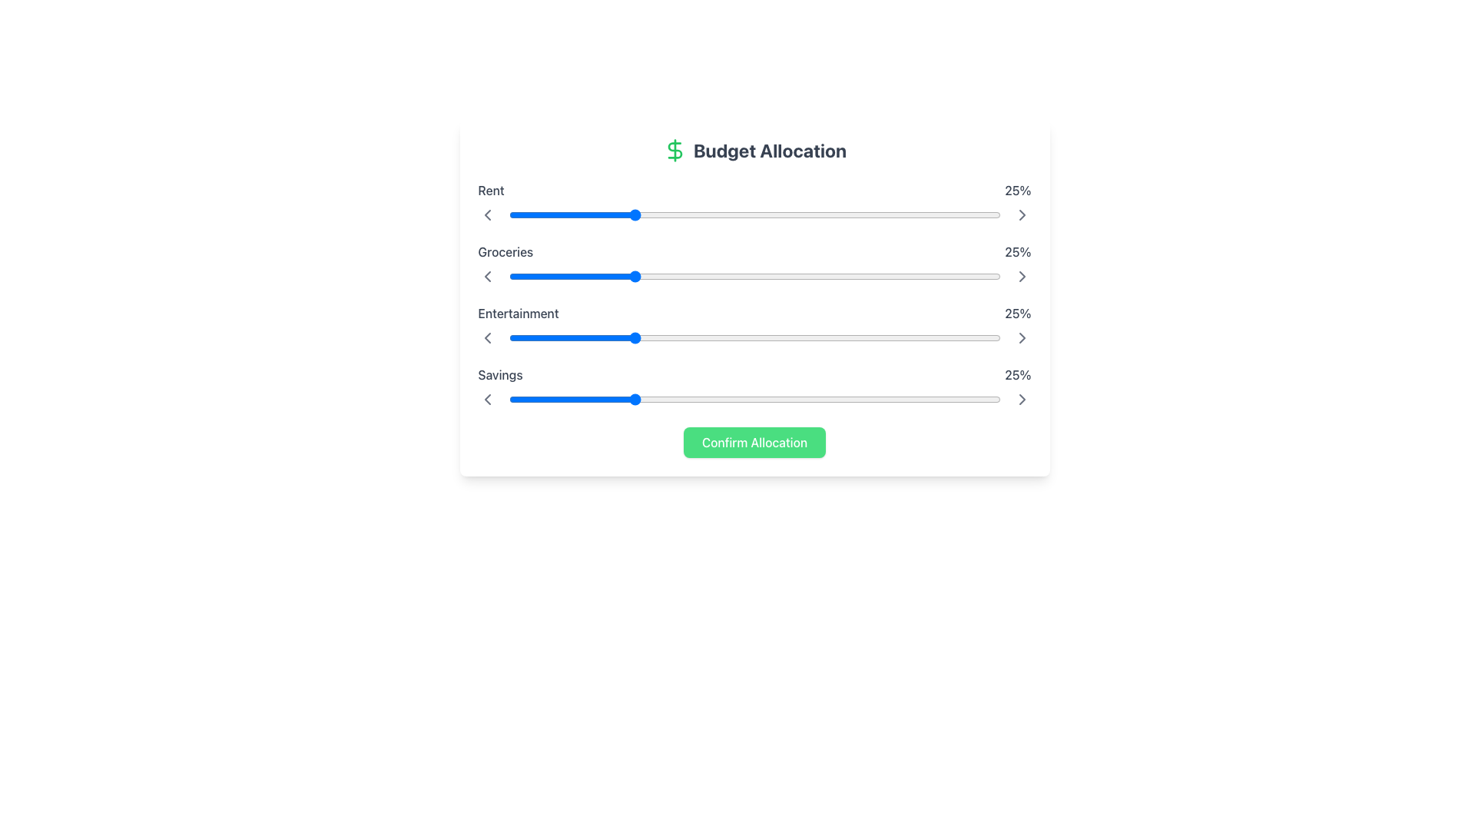 Image resolution: width=1475 pixels, height=830 pixels. Describe the element at coordinates (675, 151) in the screenshot. I see `the green dollar sign icon located to the left of the 'Budget Allocation' text at the top-left segment of the interface` at that location.